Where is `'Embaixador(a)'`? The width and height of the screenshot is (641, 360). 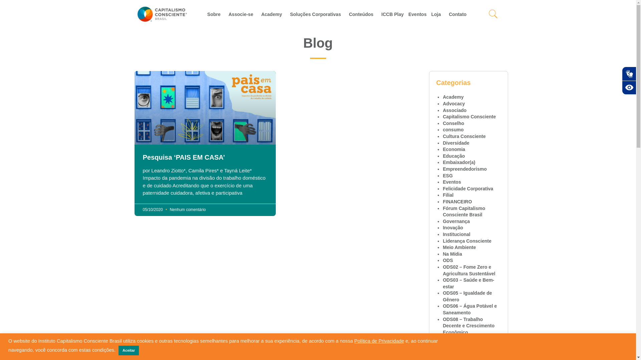 'Embaixador(a)' is located at coordinates (442, 162).